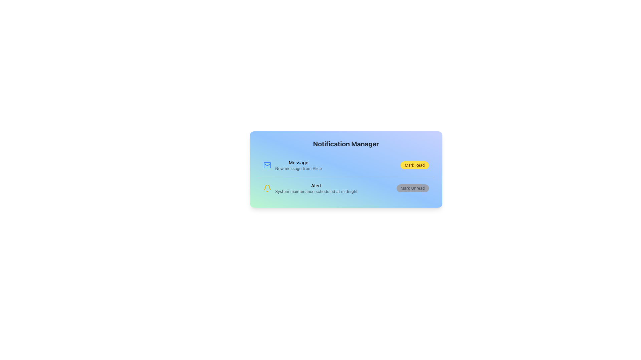 This screenshot has width=641, height=360. Describe the element at coordinates (316, 191) in the screenshot. I see `the Static Text element displaying the message 'System maintenance scheduled at midnight' located under the 'Alert' title in the notification section` at that location.